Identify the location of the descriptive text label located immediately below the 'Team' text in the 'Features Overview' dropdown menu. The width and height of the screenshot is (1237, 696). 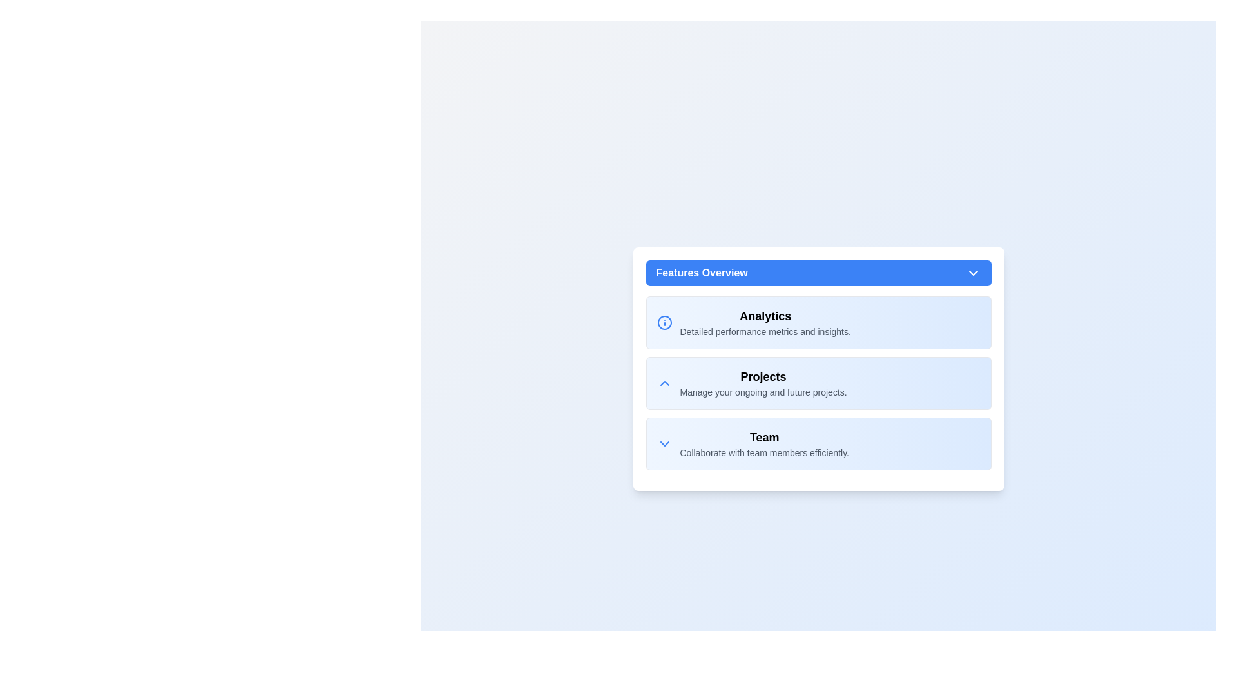
(764, 452).